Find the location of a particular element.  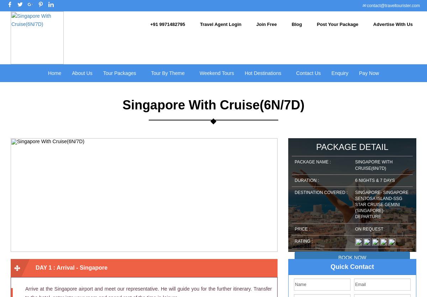

'Price :' is located at coordinates (302, 228).